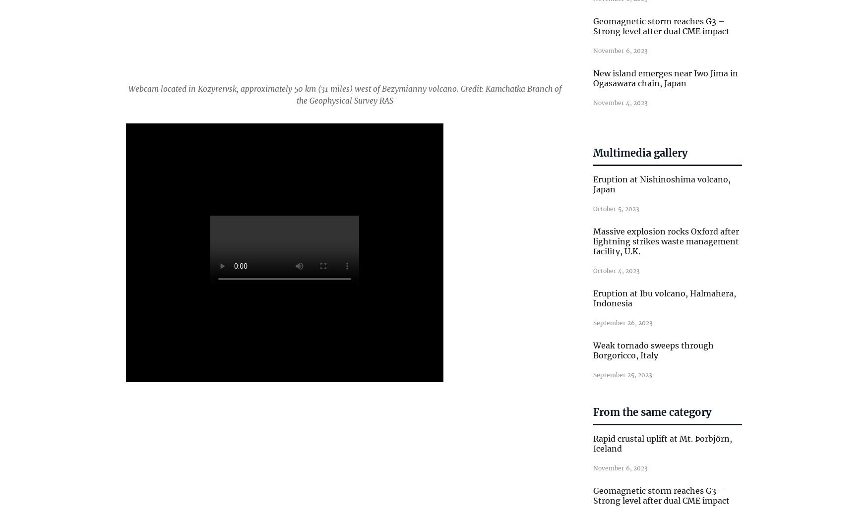 Image resolution: width=868 pixels, height=517 pixels. Describe the element at coordinates (593, 102) in the screenshot. I see `'November 4, 2023'` at that location.